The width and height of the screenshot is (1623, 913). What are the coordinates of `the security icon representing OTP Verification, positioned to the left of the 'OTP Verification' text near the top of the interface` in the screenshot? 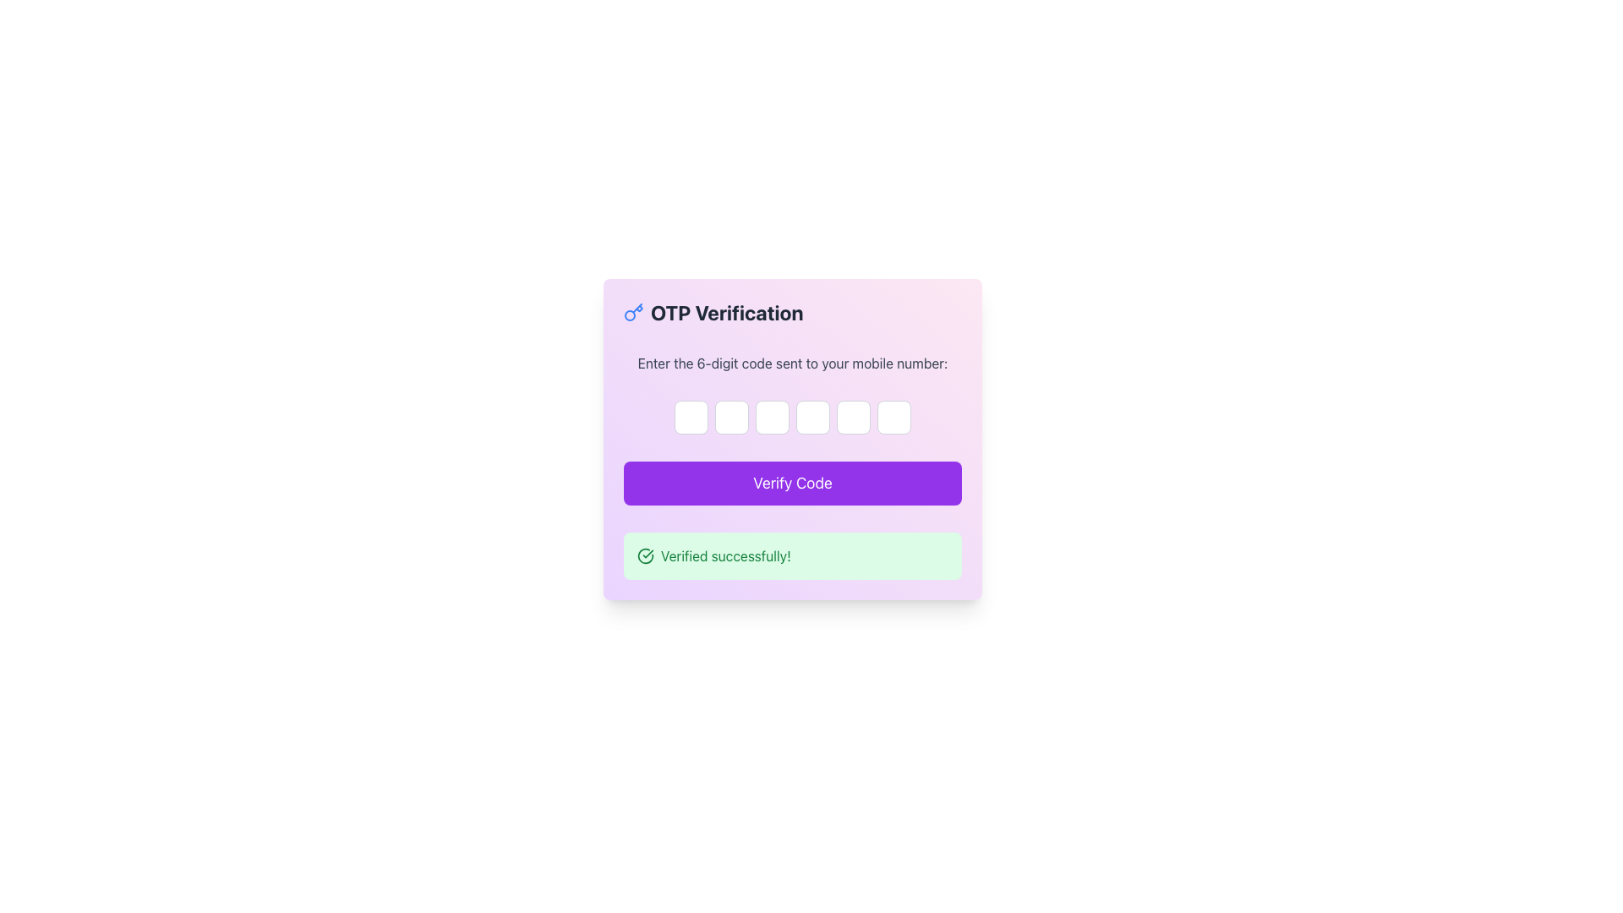 It's located at (632, 313).